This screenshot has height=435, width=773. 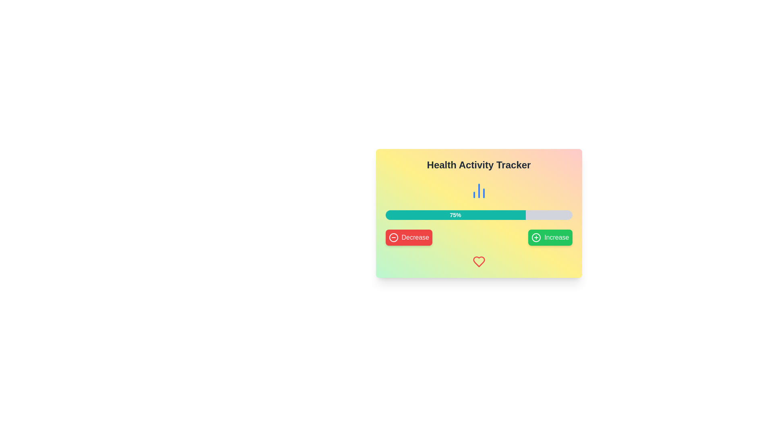 What do you see at coordinates (479, 262) in the screenshot?
I see `the red heart-shaped icon located at the bottom of the gradient background card, beneath the 'Health Activity Tracker' text, and above the 'Decrease' and 'Increase' buttons` at bounding box center [479, 262].